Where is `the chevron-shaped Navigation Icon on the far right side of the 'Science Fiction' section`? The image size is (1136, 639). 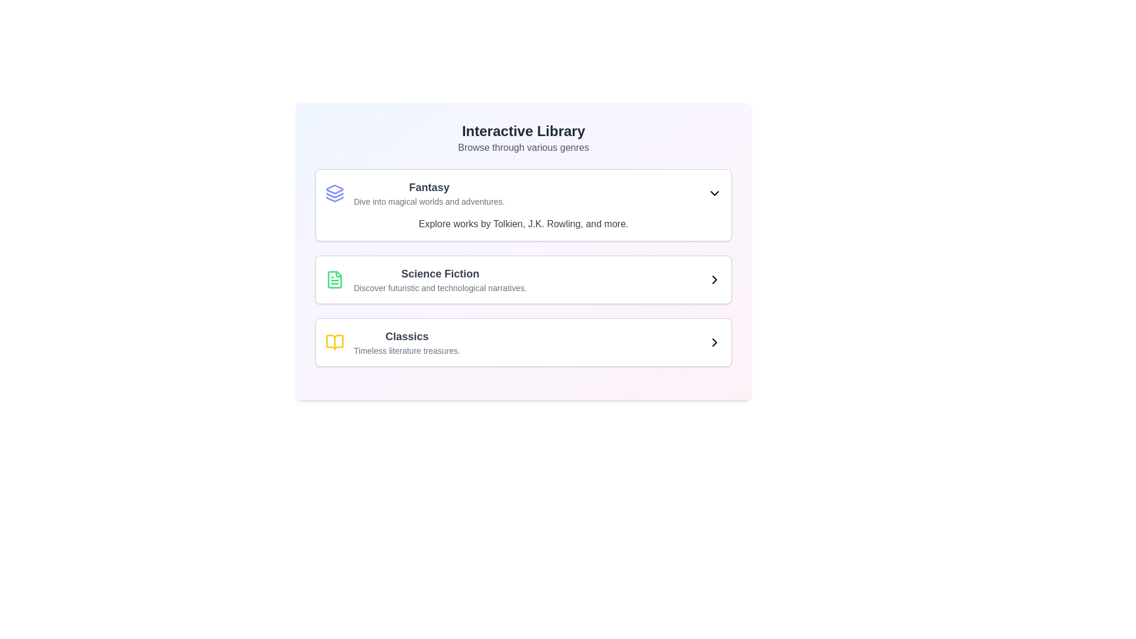
the chevron-shaped Navigation Icon on the far right side of the 'Science Fiction' section is located at coordinates (714, 280).